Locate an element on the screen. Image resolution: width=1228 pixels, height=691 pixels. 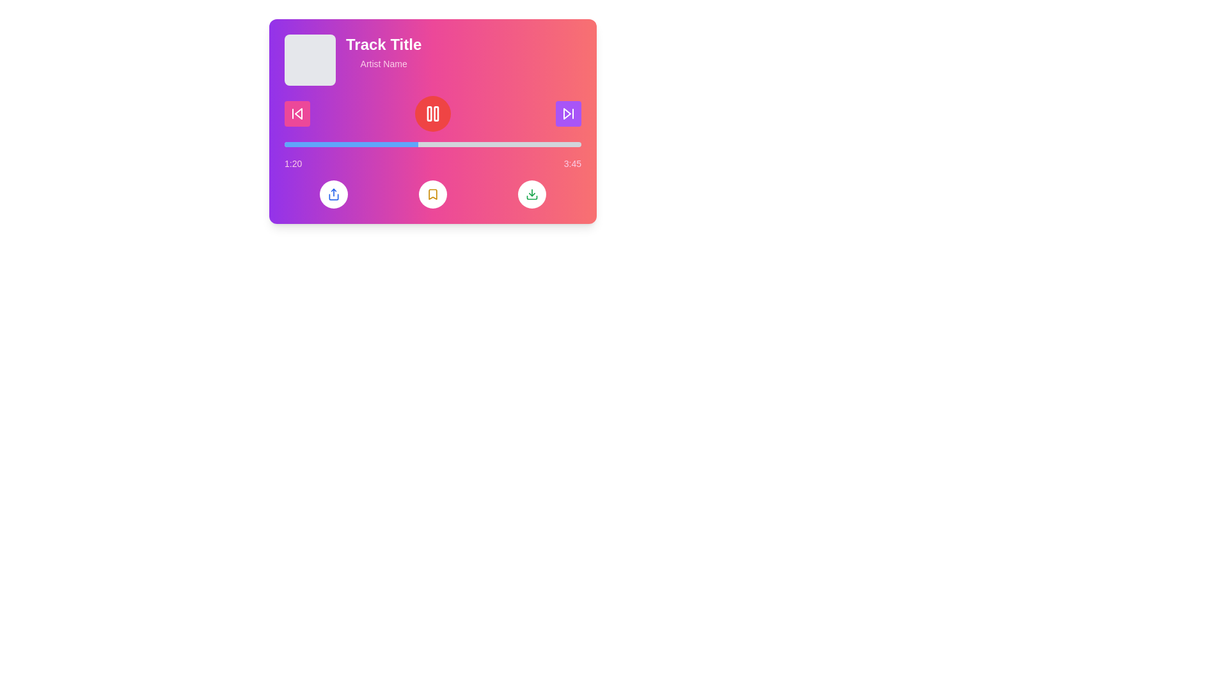
playback progress is located at coordinates (324, 144).